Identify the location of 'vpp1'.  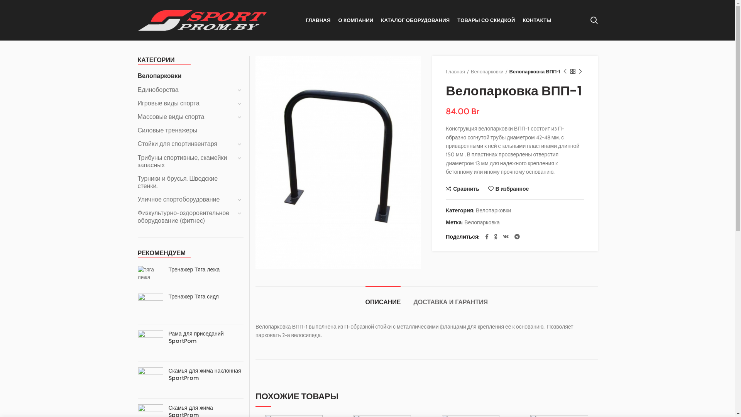
(338, 162).